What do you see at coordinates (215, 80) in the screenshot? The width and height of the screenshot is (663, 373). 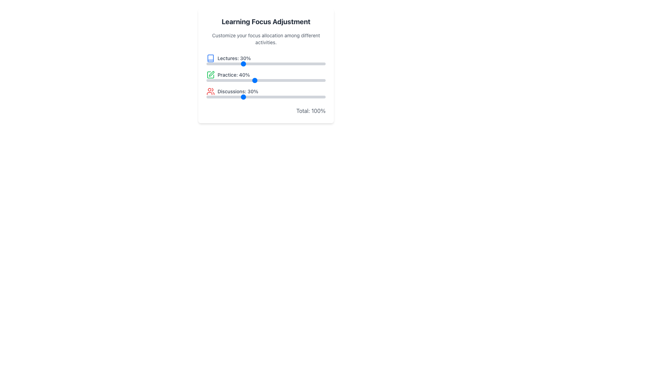 I see `the 'Practice' slider` at bounding box center [215, 80].